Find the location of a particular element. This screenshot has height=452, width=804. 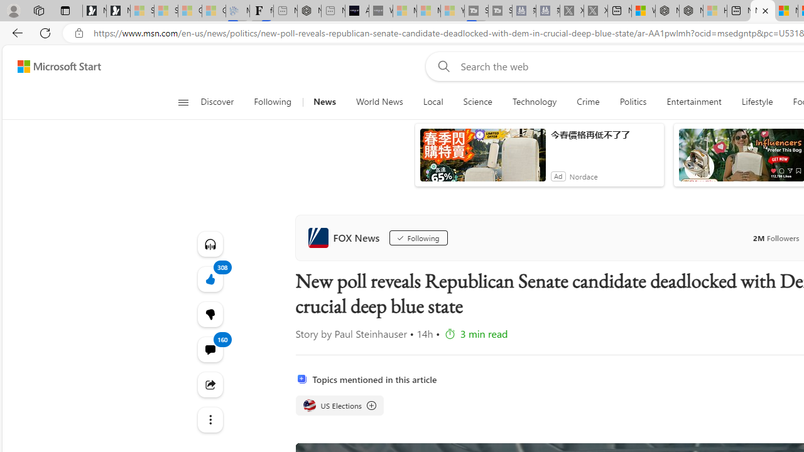

'AI Voice Changer for PC and Mac - Voice.ai' is located at coordinates (356, 11).